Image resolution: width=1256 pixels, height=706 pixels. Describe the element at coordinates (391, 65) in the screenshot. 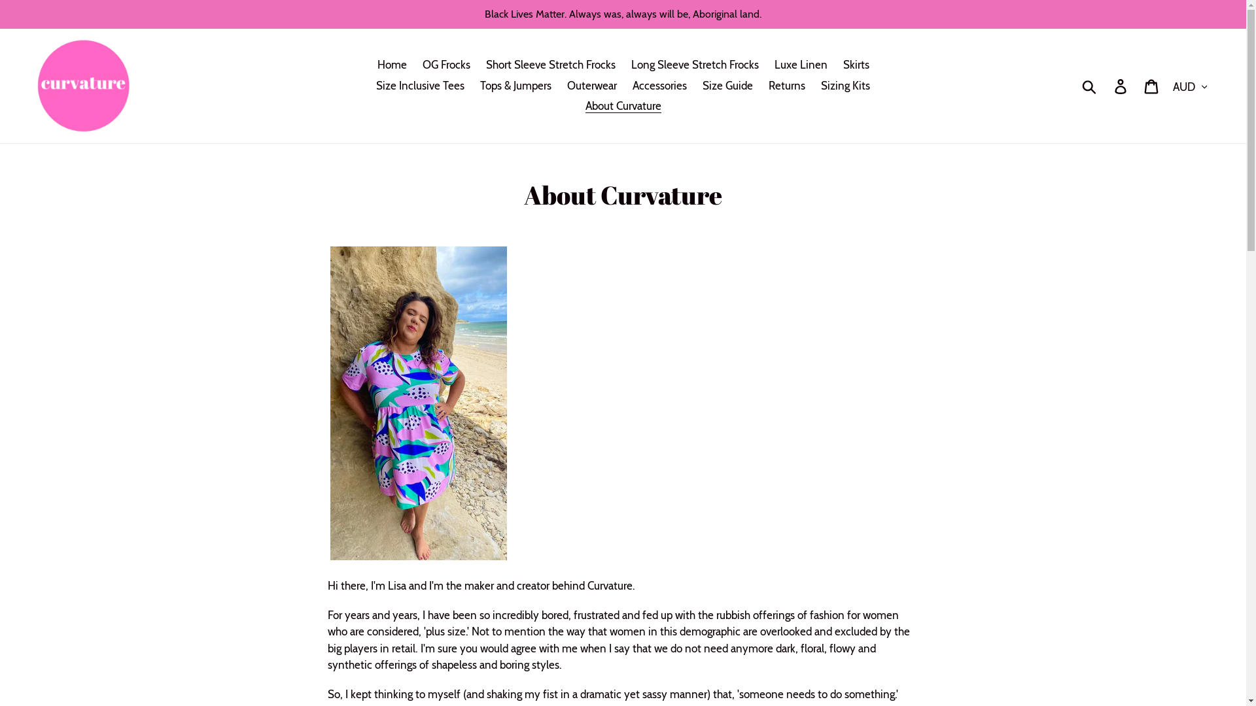

I see `'Home'` at that location.